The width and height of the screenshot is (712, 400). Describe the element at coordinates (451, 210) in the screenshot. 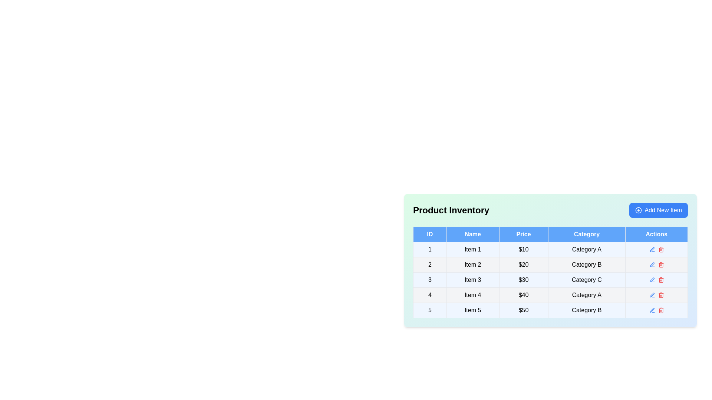

I see `the bold text label displaying 'Product Inventory' located at the top-left corner of the header section of the data table interface` at that location.